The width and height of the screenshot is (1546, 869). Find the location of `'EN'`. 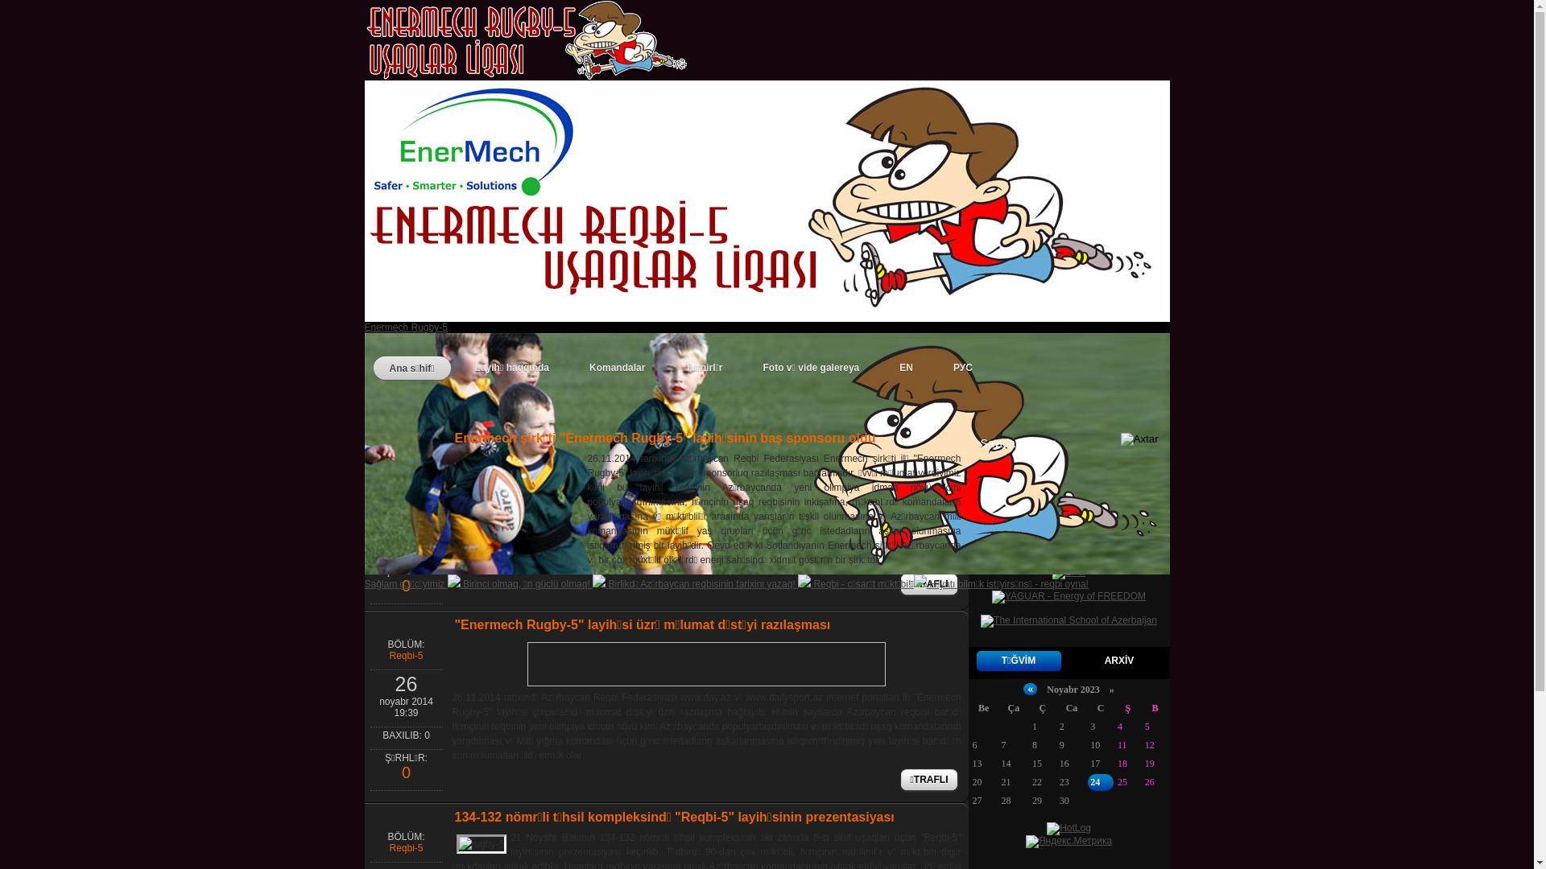

'EN' is located at coordinates (906, 367).